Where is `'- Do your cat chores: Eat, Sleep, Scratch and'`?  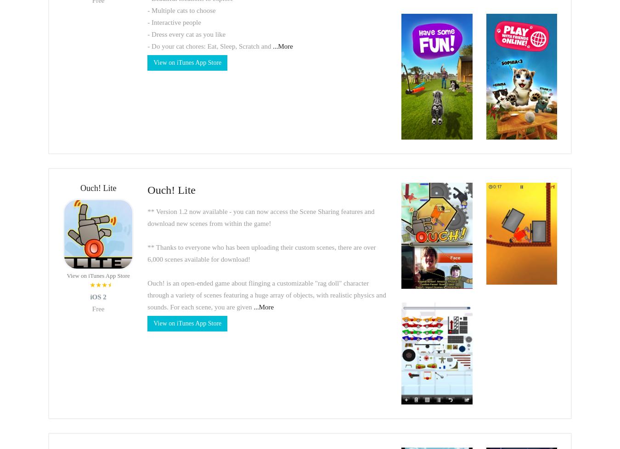 '- Do your cat chores: Eat, Sleep, Scratch and' is located at coordinates (209, 45).